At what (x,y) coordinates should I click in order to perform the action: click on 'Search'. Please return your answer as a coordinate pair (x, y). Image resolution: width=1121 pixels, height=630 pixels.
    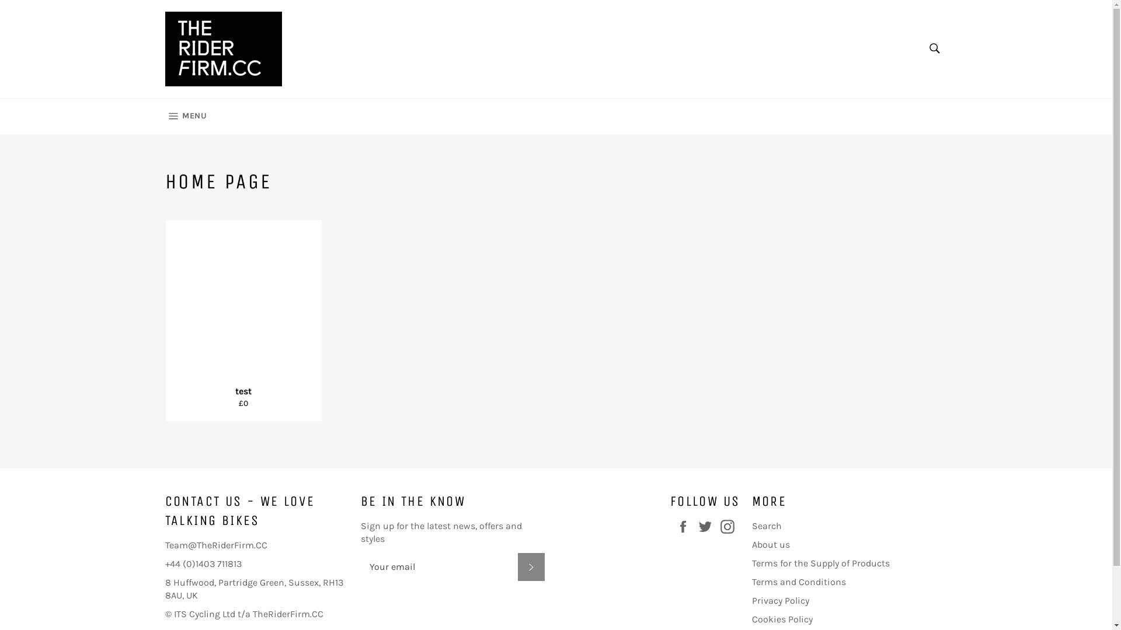
    Looking at the image, I should click on (920, 48).